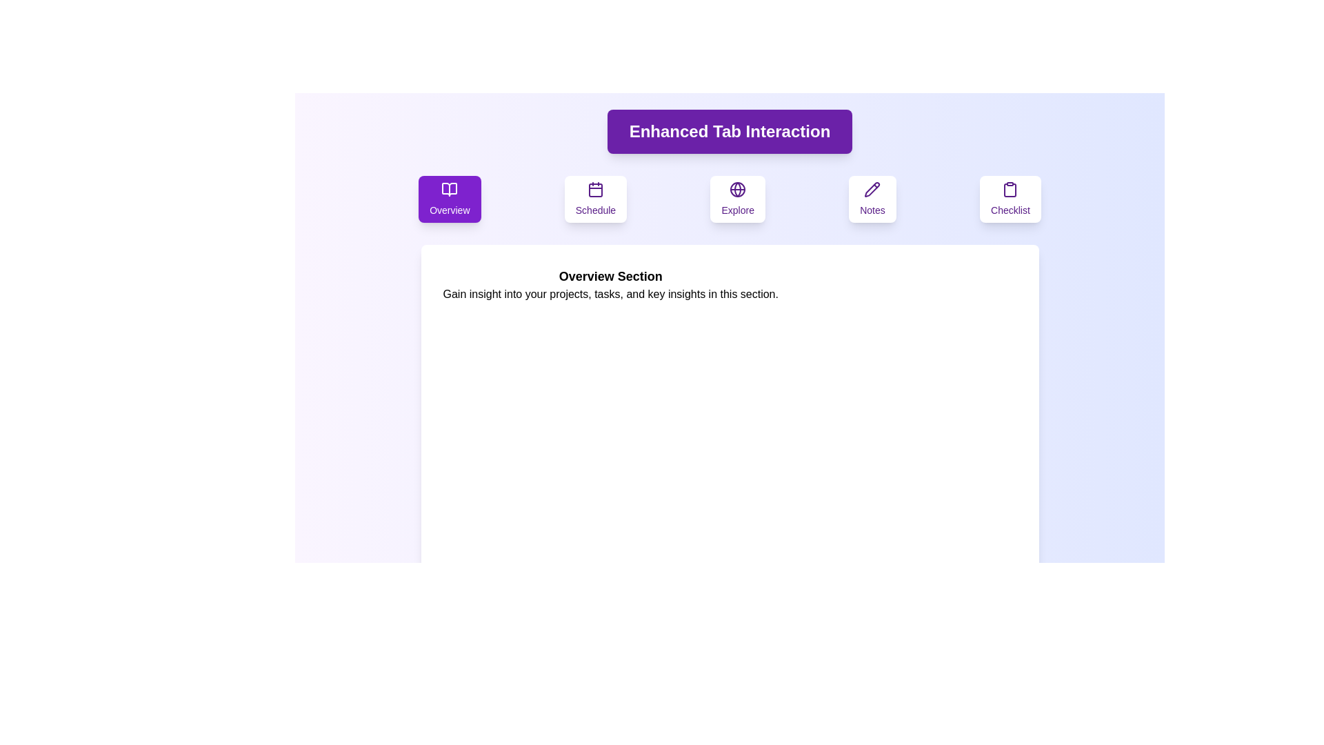 The width and height of the screenshot is (1324, 745). I want to click on the text label displaying 'Enhanced Tab Interaction', which is styled in white text on a purple background with rounded corners, located near the top of the user interface, so click(729, 132).